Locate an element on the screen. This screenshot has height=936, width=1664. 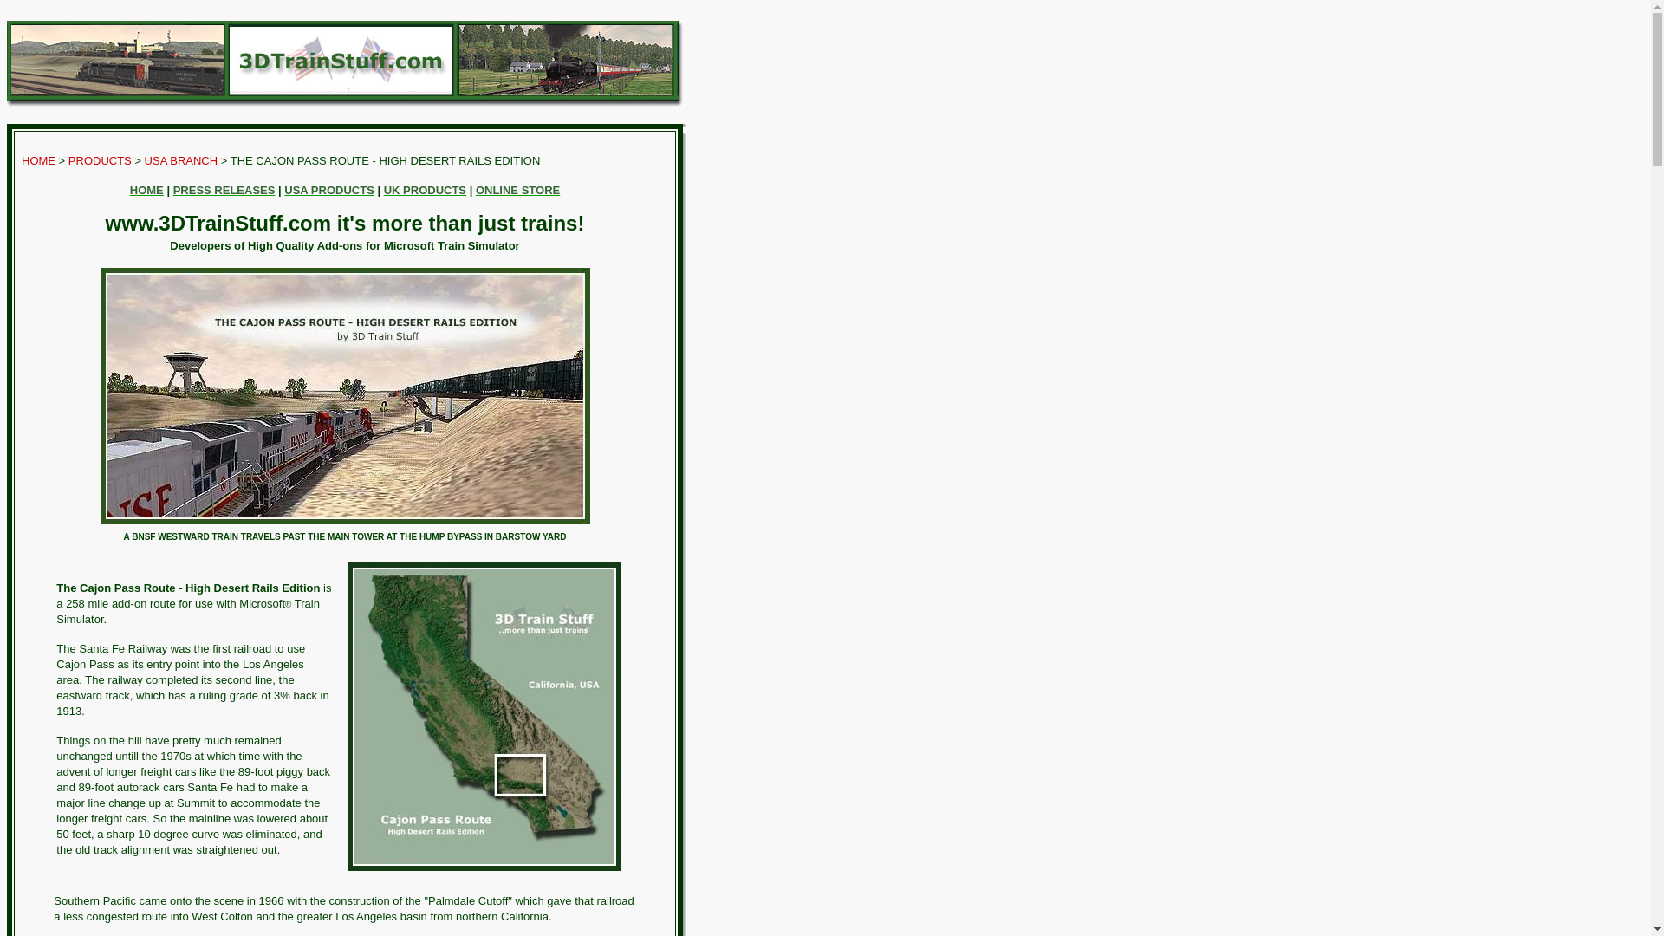
'ONLINE STORE' is located at coordinates (475, 190).